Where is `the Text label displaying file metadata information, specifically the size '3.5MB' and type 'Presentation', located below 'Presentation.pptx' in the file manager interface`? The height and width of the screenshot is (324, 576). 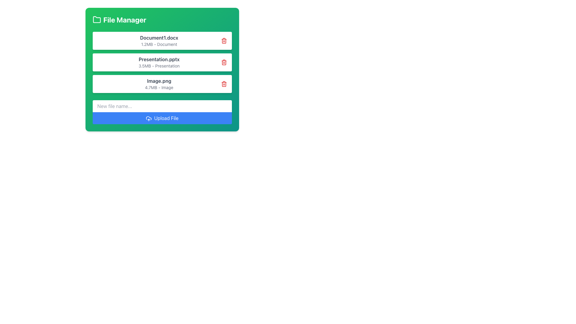 the Text label displaying file metadata information, specifically the size '3.5MB' and type 'Presentation', located below 'Presentation.pptx' in the file manager interface is located at coordinates (159, 66).